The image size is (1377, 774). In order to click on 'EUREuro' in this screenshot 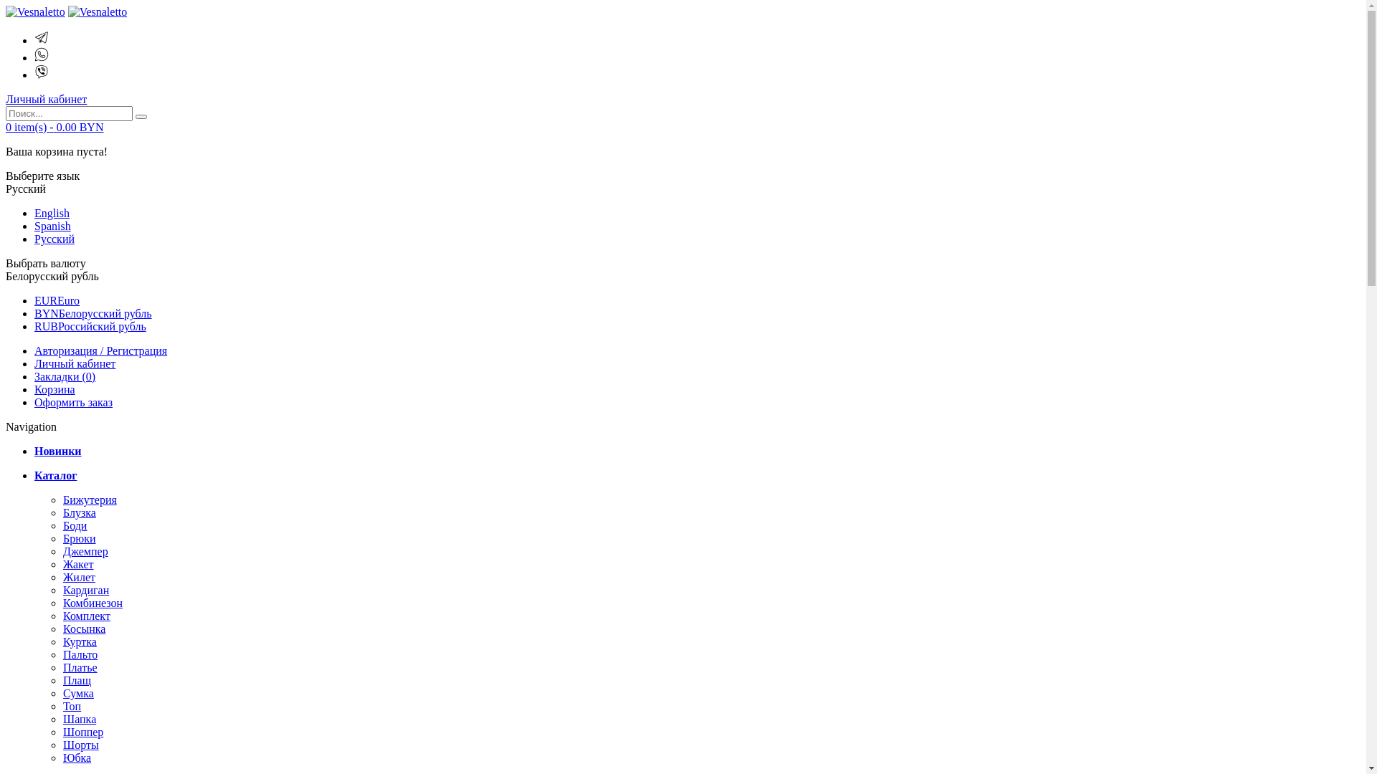, I will do `click(57, 300)`.